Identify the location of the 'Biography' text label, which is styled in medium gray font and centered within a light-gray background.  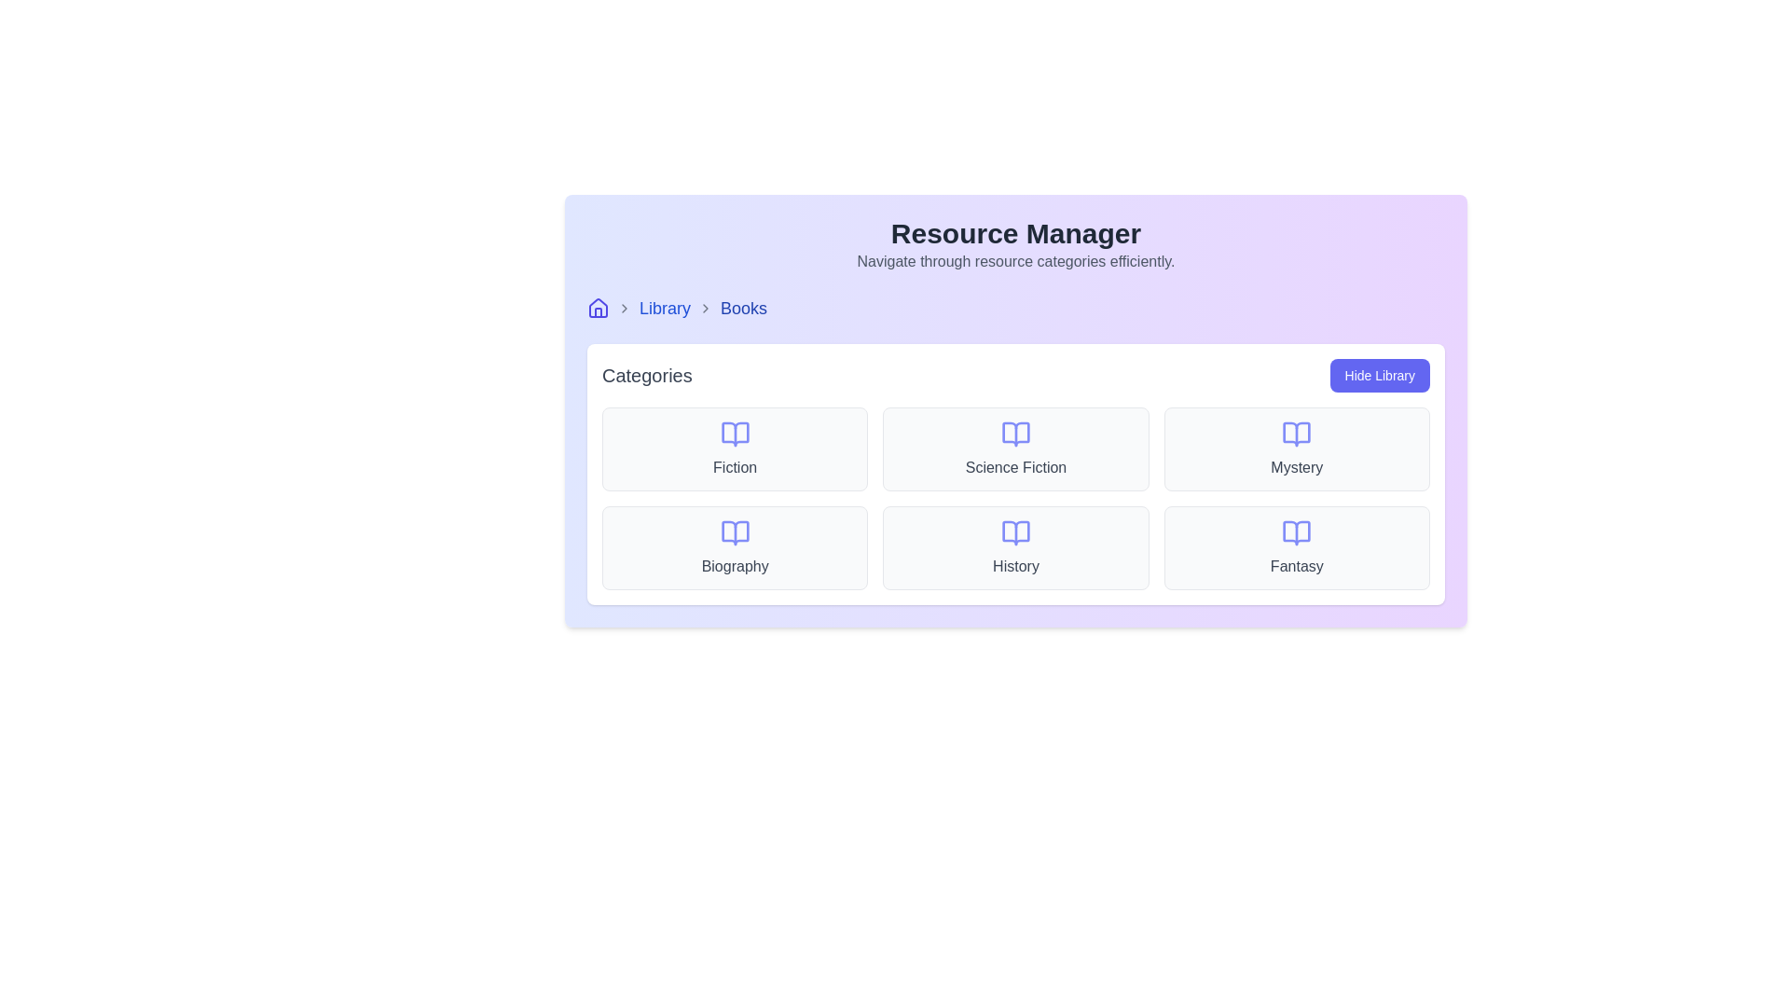
(734, 565).